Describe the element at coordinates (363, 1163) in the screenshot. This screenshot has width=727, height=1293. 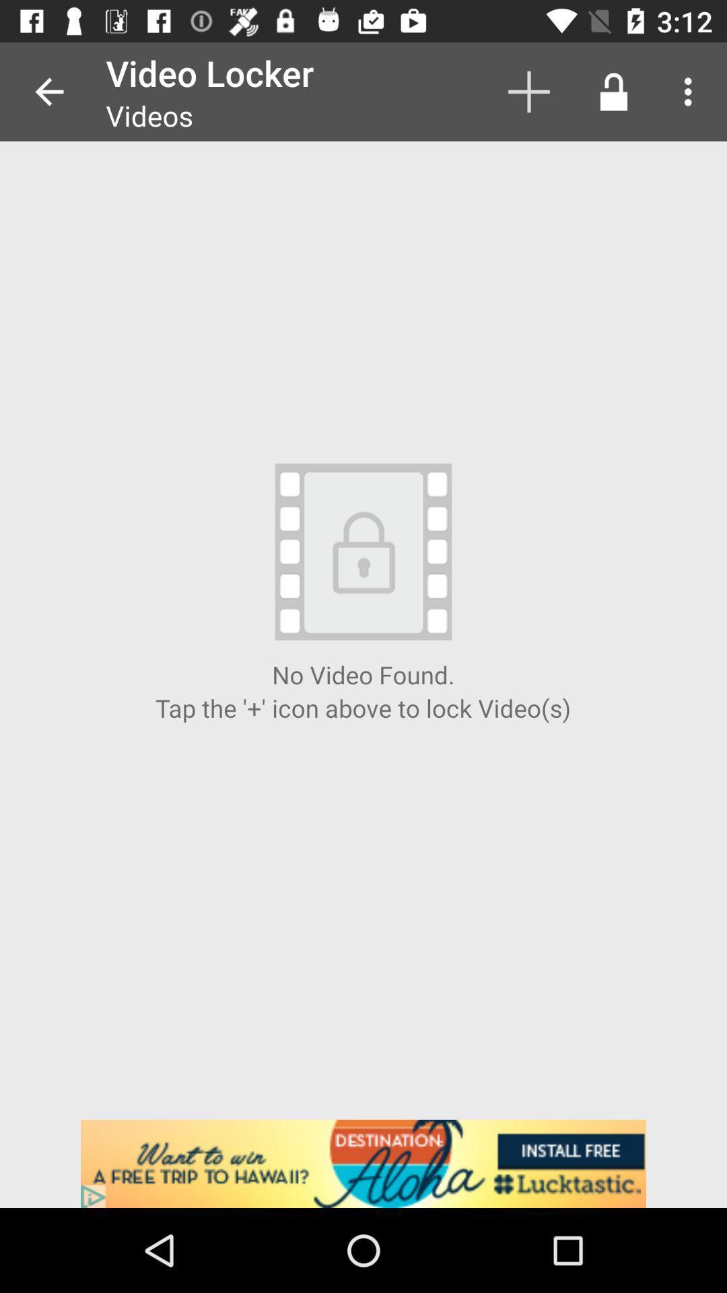
I see `the lucktastic homepage` at that location.